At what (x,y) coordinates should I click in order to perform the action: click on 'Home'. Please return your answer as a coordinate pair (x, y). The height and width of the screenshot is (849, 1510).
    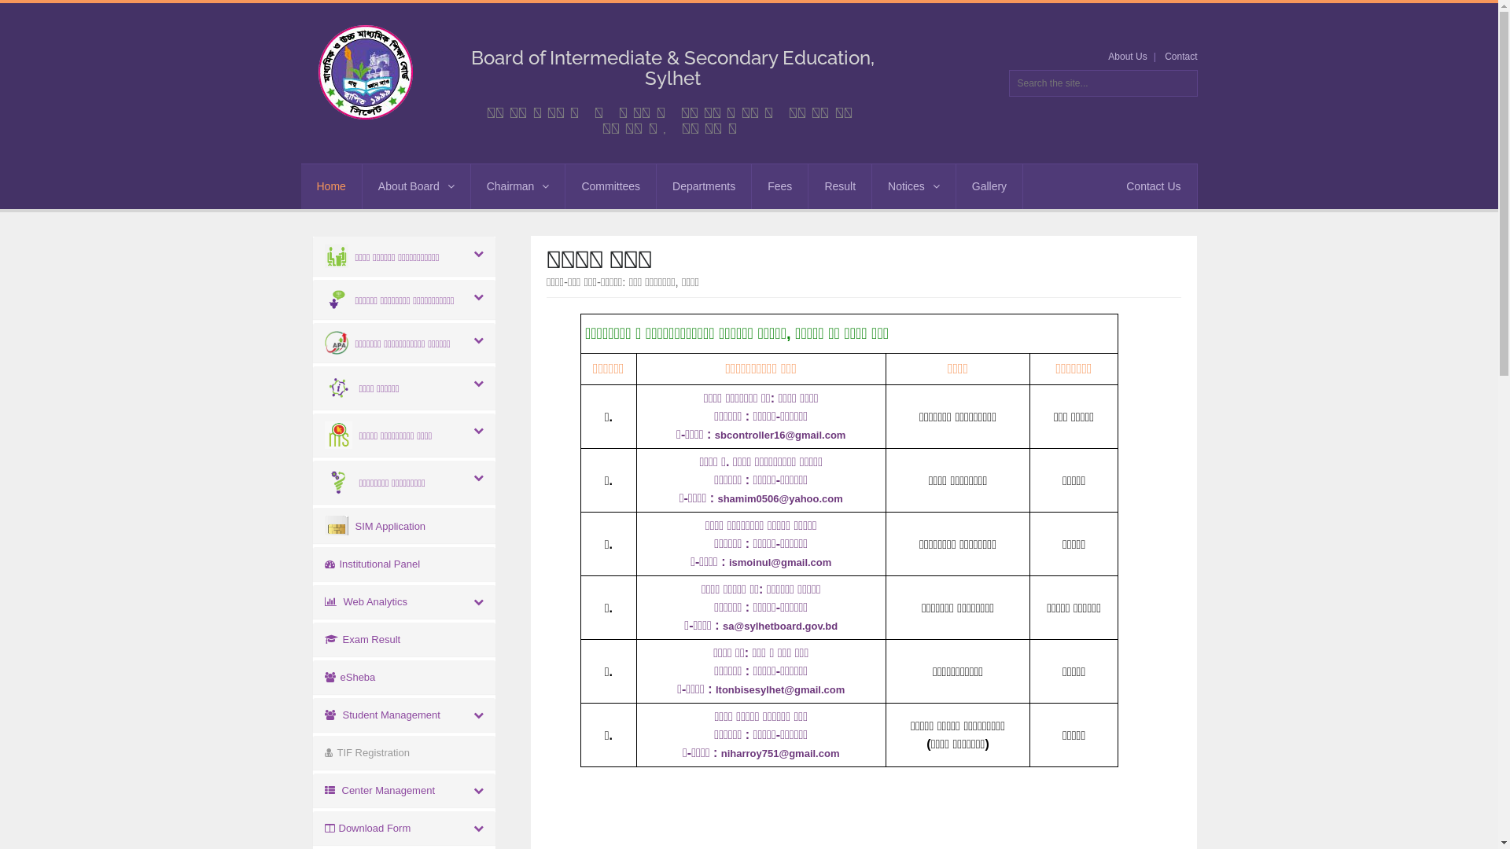
    Looking at the image, I should click on (330, 186).